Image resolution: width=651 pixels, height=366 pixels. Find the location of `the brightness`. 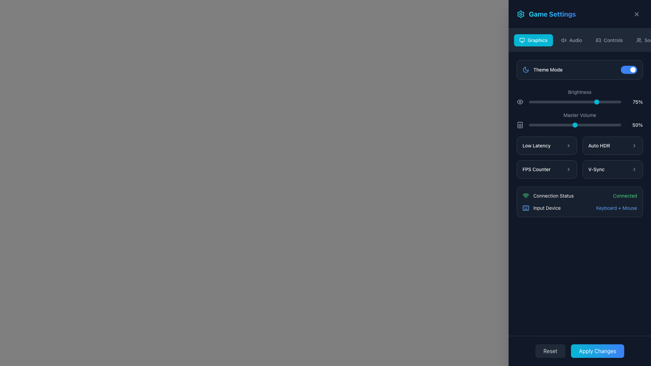

the brightness is located at coordinates (614, 102).